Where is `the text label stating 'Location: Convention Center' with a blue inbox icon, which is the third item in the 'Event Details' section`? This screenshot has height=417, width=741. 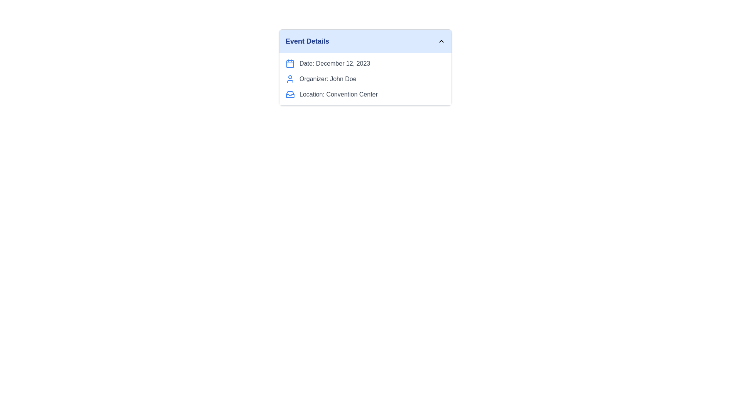 the text label stating 'Location: Convention Center' with a blue inbox icon, which is the third item in the 'Event Details' section is located at coordinates (365, 94).